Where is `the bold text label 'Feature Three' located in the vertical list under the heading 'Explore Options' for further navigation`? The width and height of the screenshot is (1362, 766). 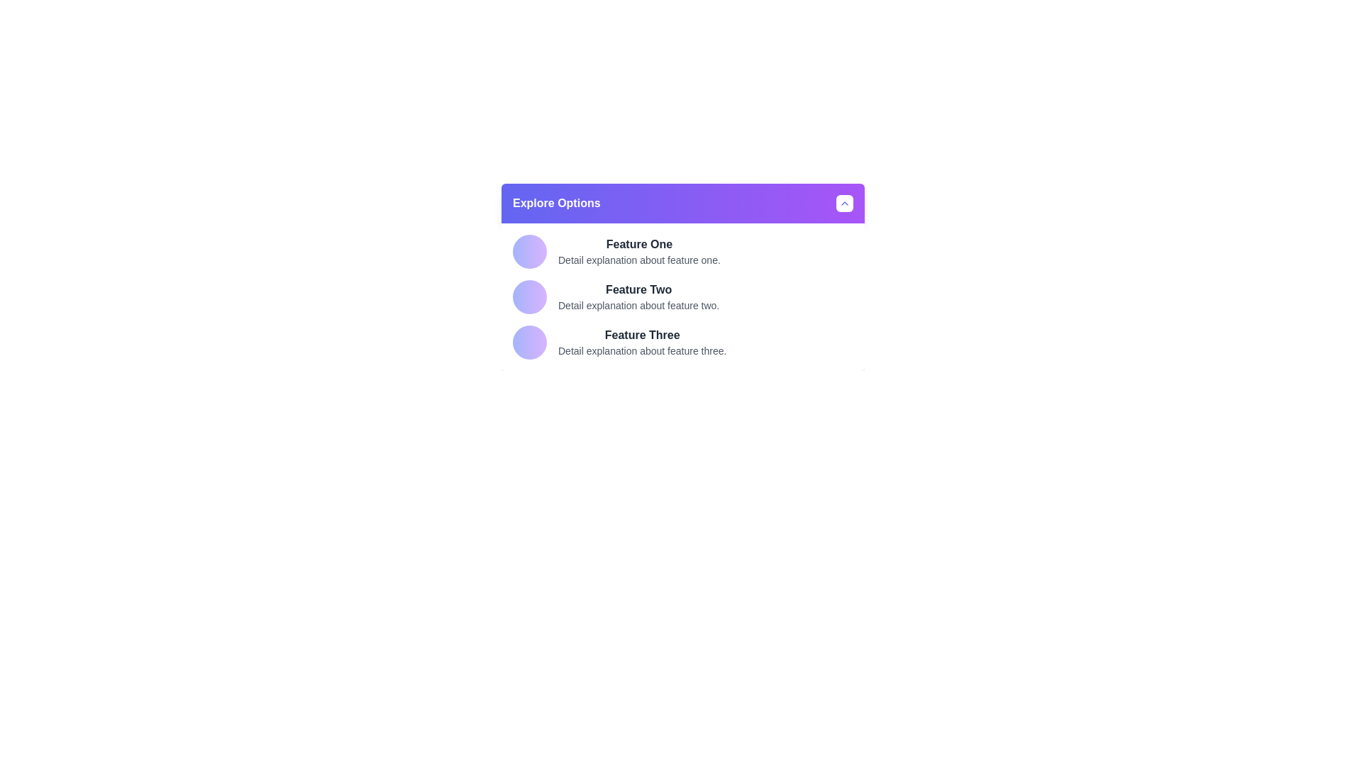
the bold text label 'Feature Three' located in the vertical list under the heading 'Explore Options' for further navigation is located at coordinates (641, 335).